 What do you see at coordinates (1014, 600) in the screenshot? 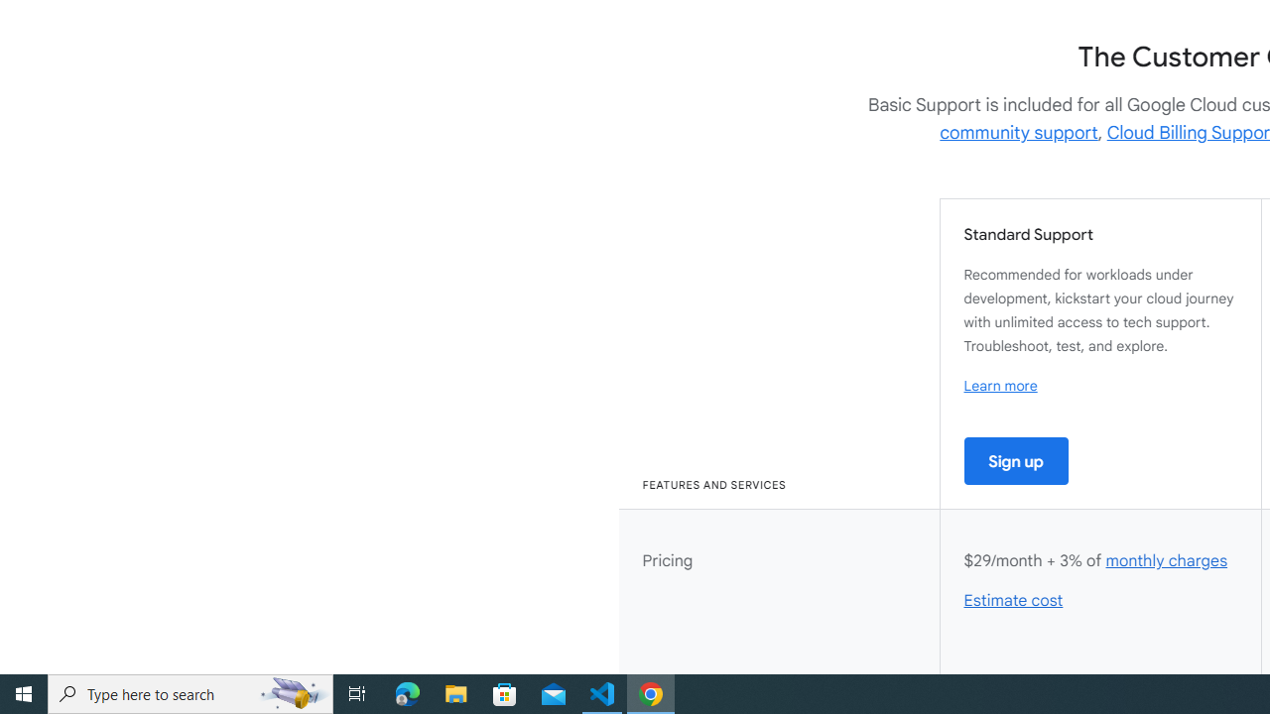
I see `'Estimate cost'` at bounding box center [1014, 600].